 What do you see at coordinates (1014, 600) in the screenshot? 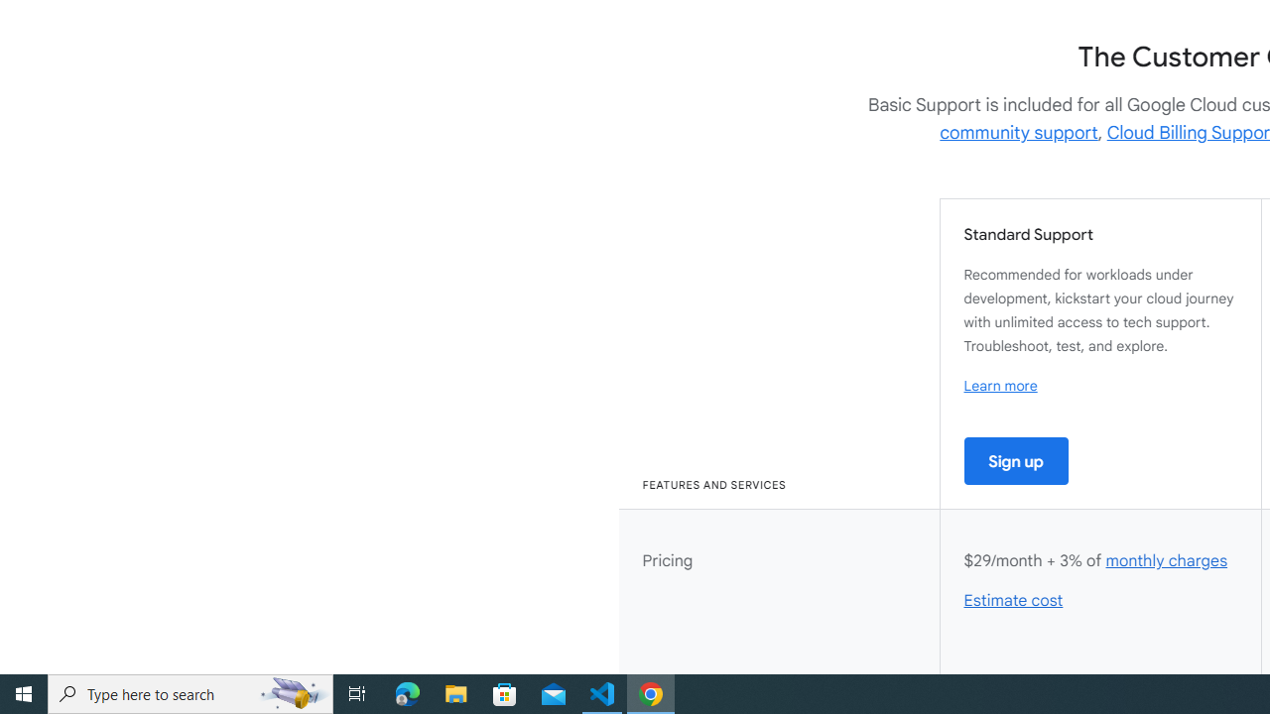
I see `'Estimate cost'` at bounding box center [1014, 600].